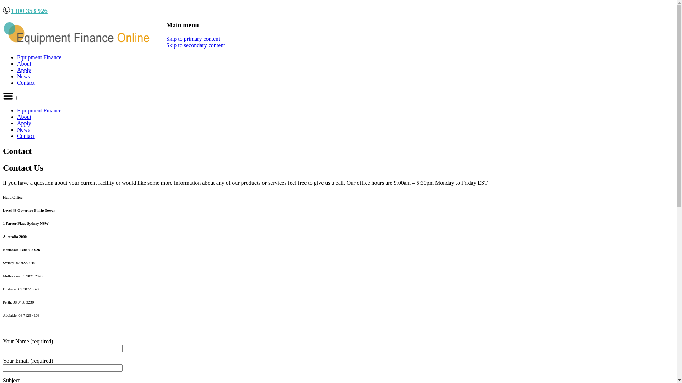  What do you see at coordinates (26, 82) in the screenshot?
I see `'Contact'` at bounding box center [26, 82].